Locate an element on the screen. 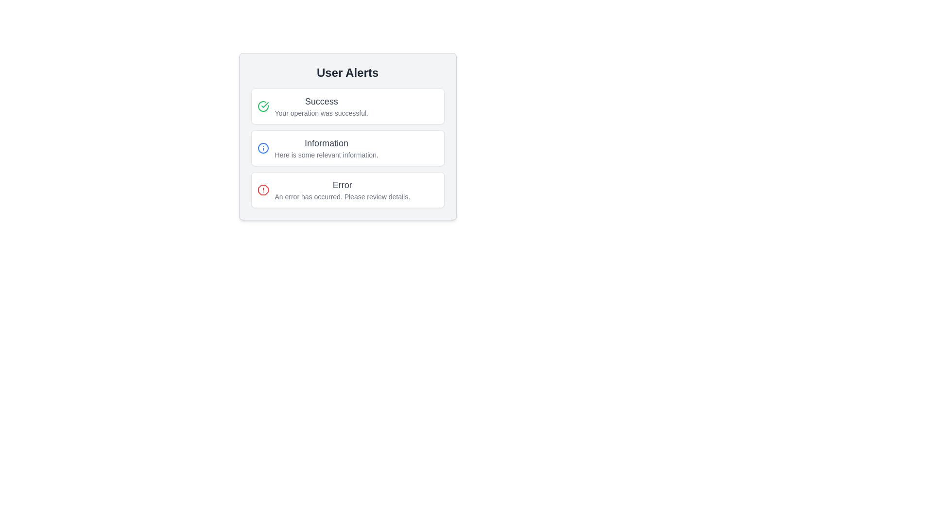 The width and height of the screenshot is (933, 525). the circular SVG graphical element that represents the 'Information' icon, located in the second alert item of the 'User Alerts' interface is located at coordinates (263, 148).